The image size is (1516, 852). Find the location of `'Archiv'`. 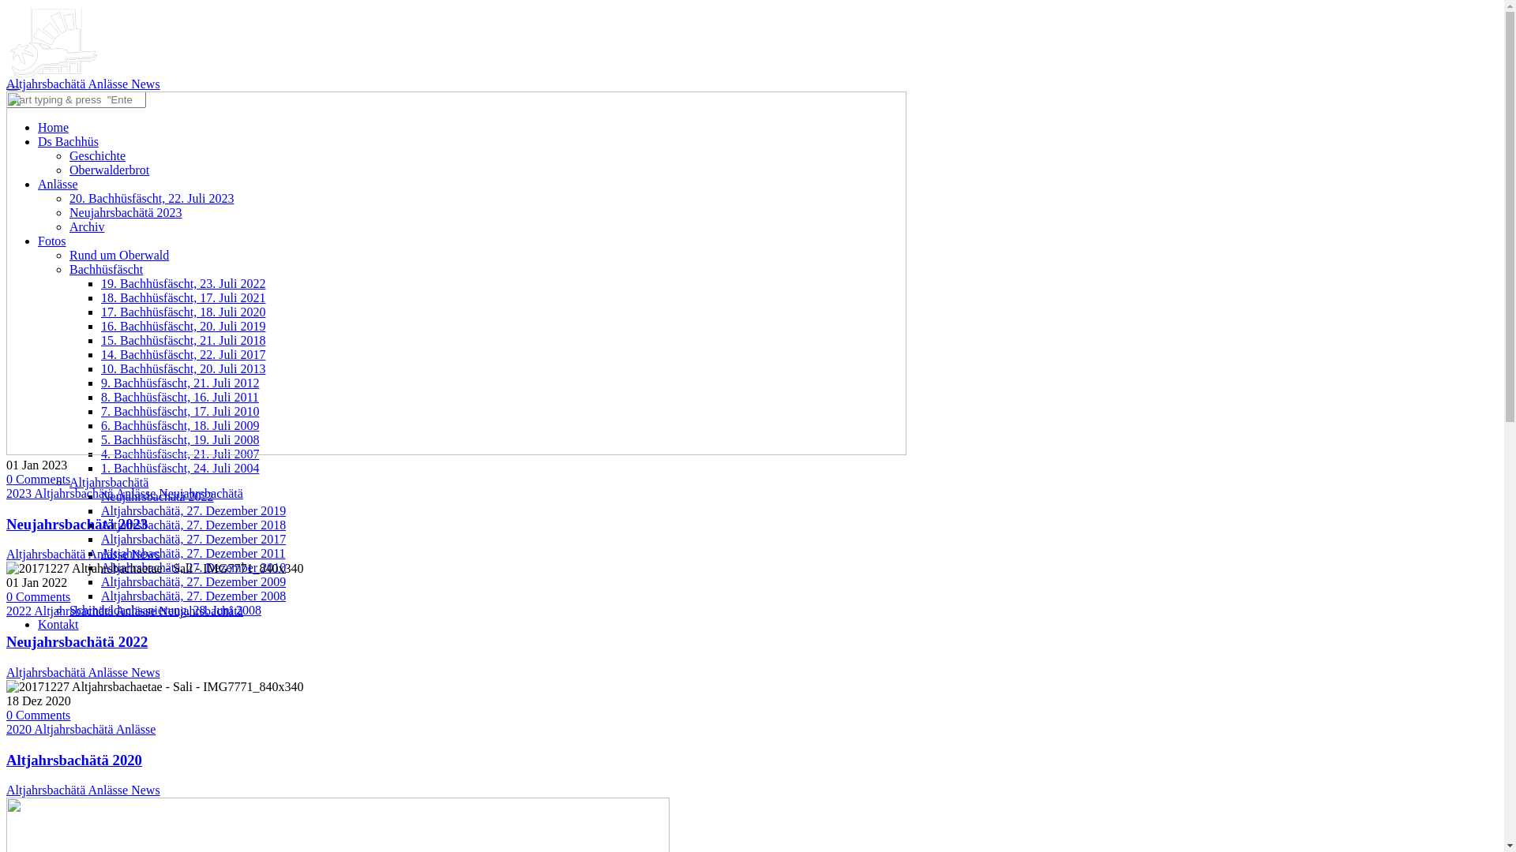

'Archiv' is located at coordinates (86, 226).